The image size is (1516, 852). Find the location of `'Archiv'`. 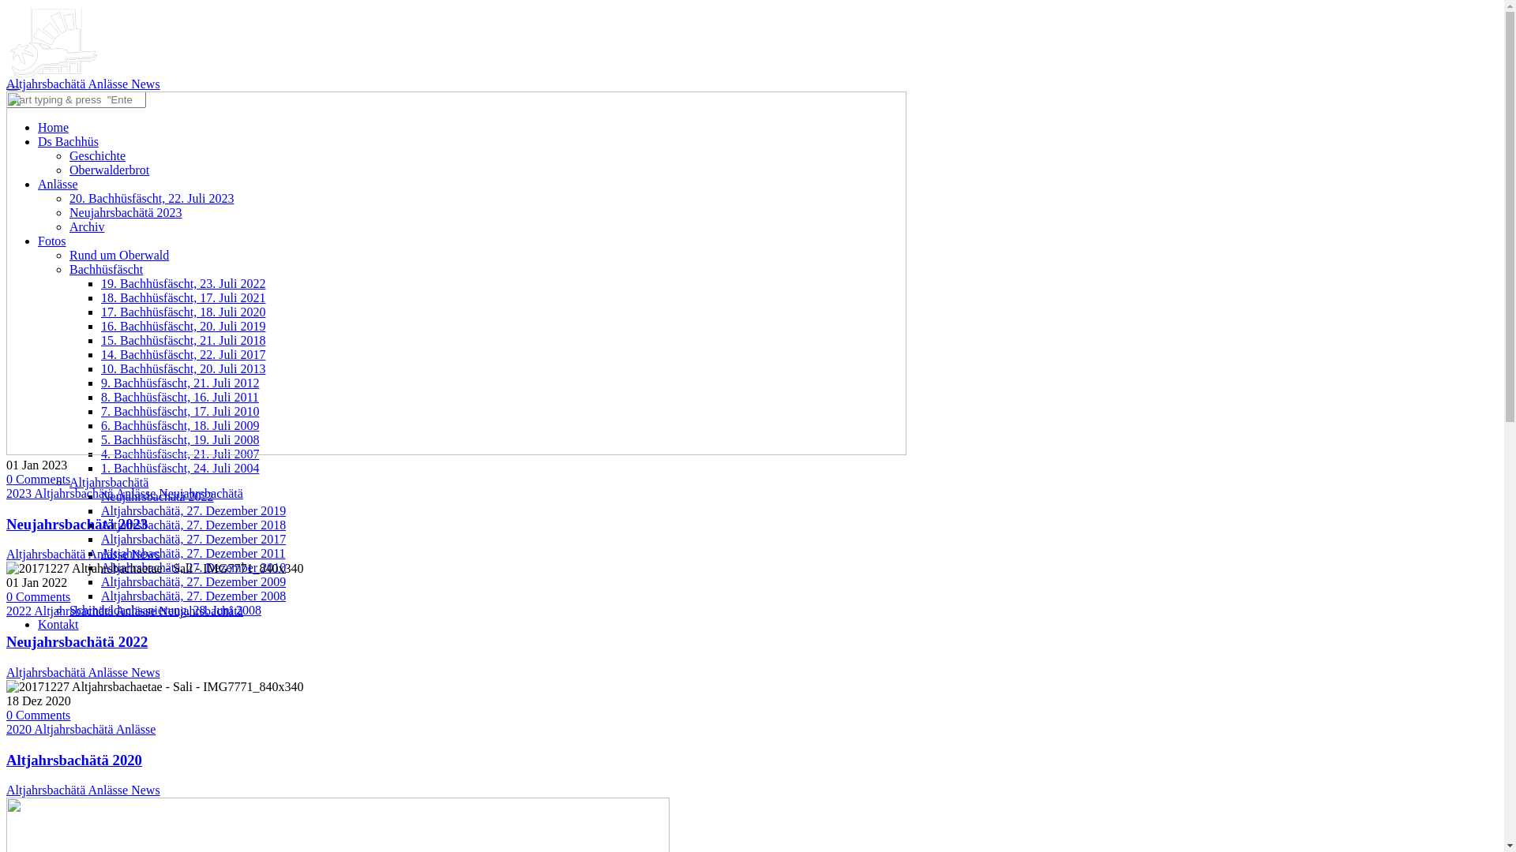

'Archiv' is located at coordinates (86, 226).